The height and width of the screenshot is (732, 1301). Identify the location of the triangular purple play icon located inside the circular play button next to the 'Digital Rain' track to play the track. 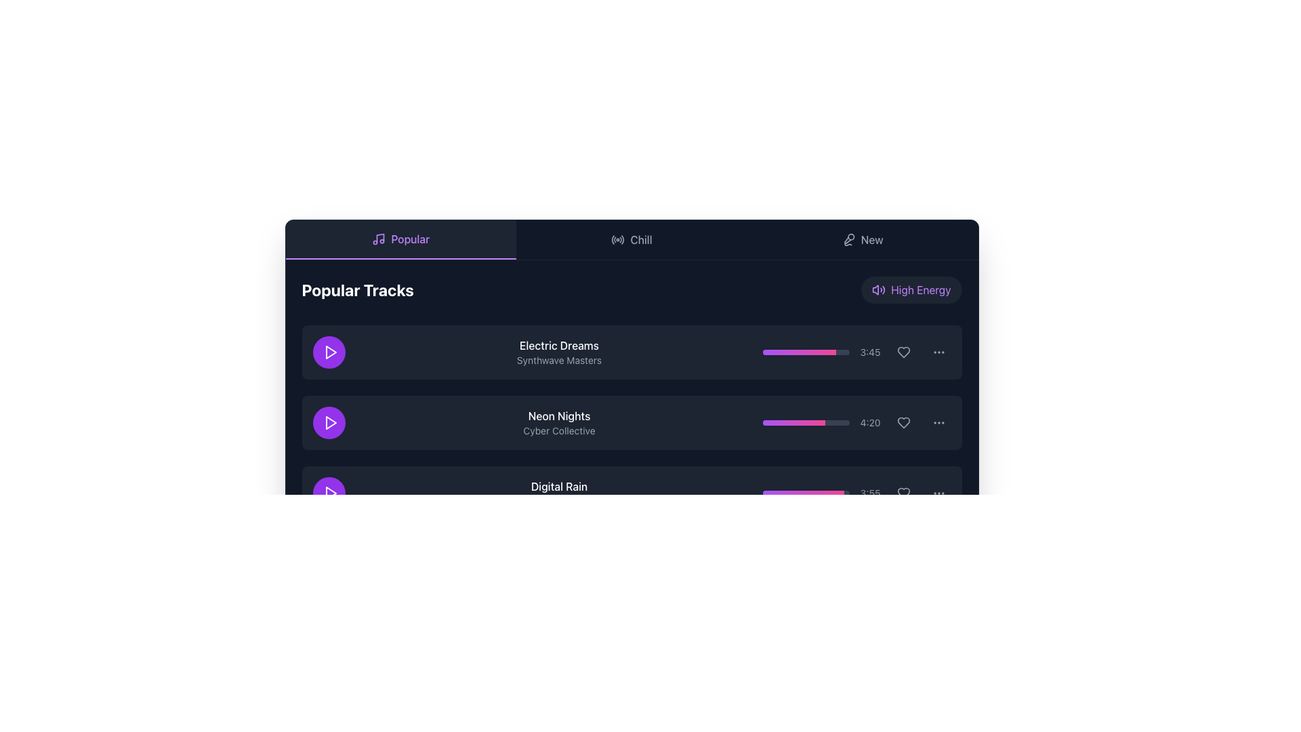
(331, 493).